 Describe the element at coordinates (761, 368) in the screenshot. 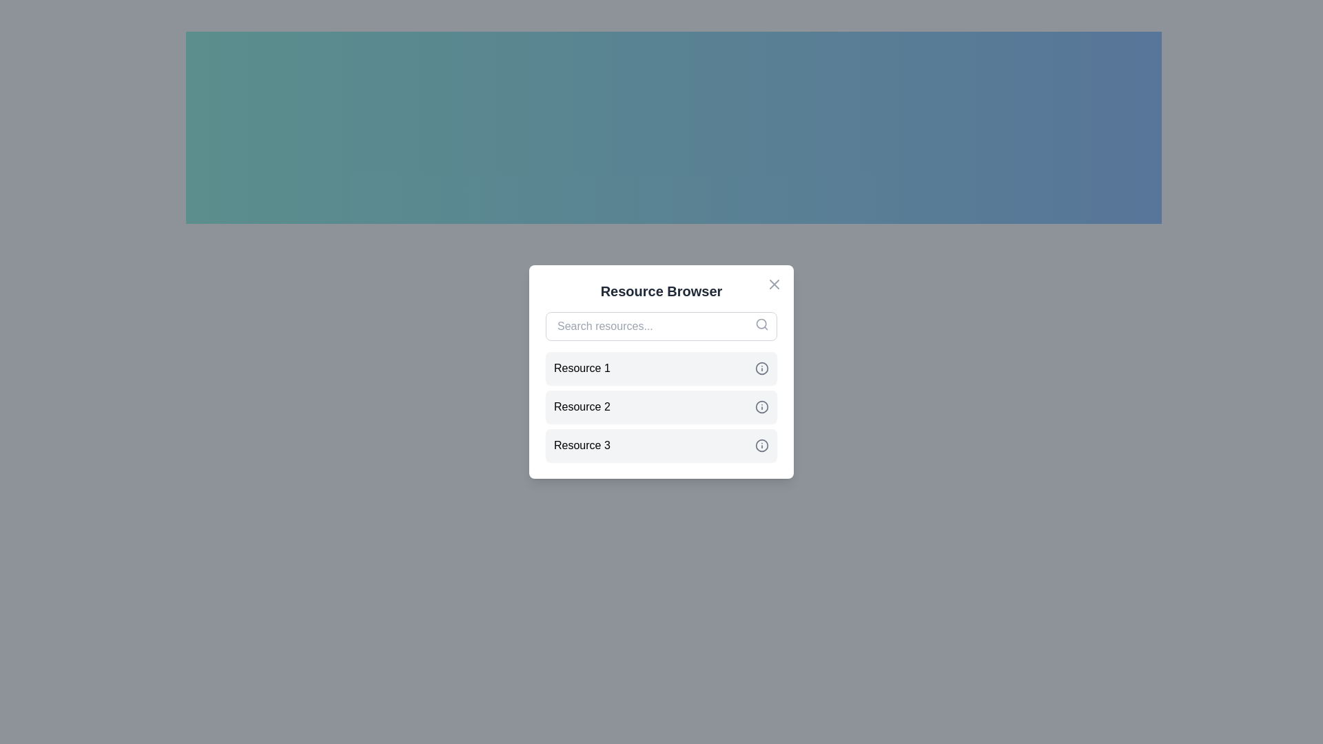

I see `the Decorative SVG Circle, which visually represents an aspect of the associated resource and is part of the information icon group located to the right of 'Resource 1'` at that location.